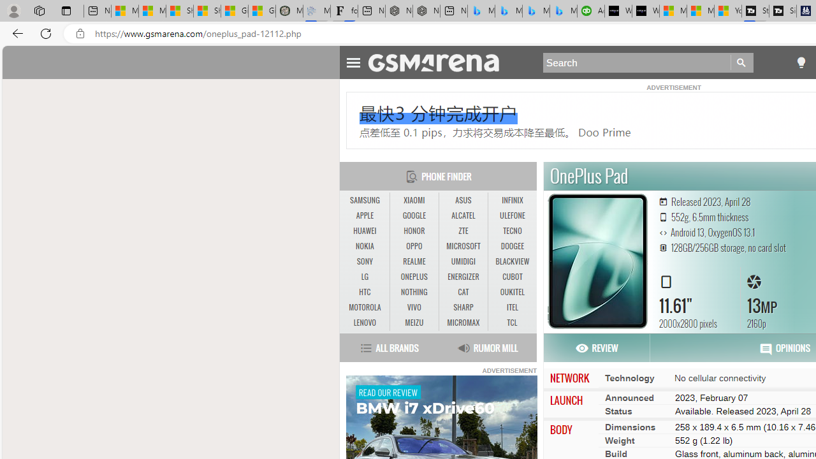 Image resolution: width=816 pixels, height=459 pixels. I want to click on 'LG', so click(364, 276).